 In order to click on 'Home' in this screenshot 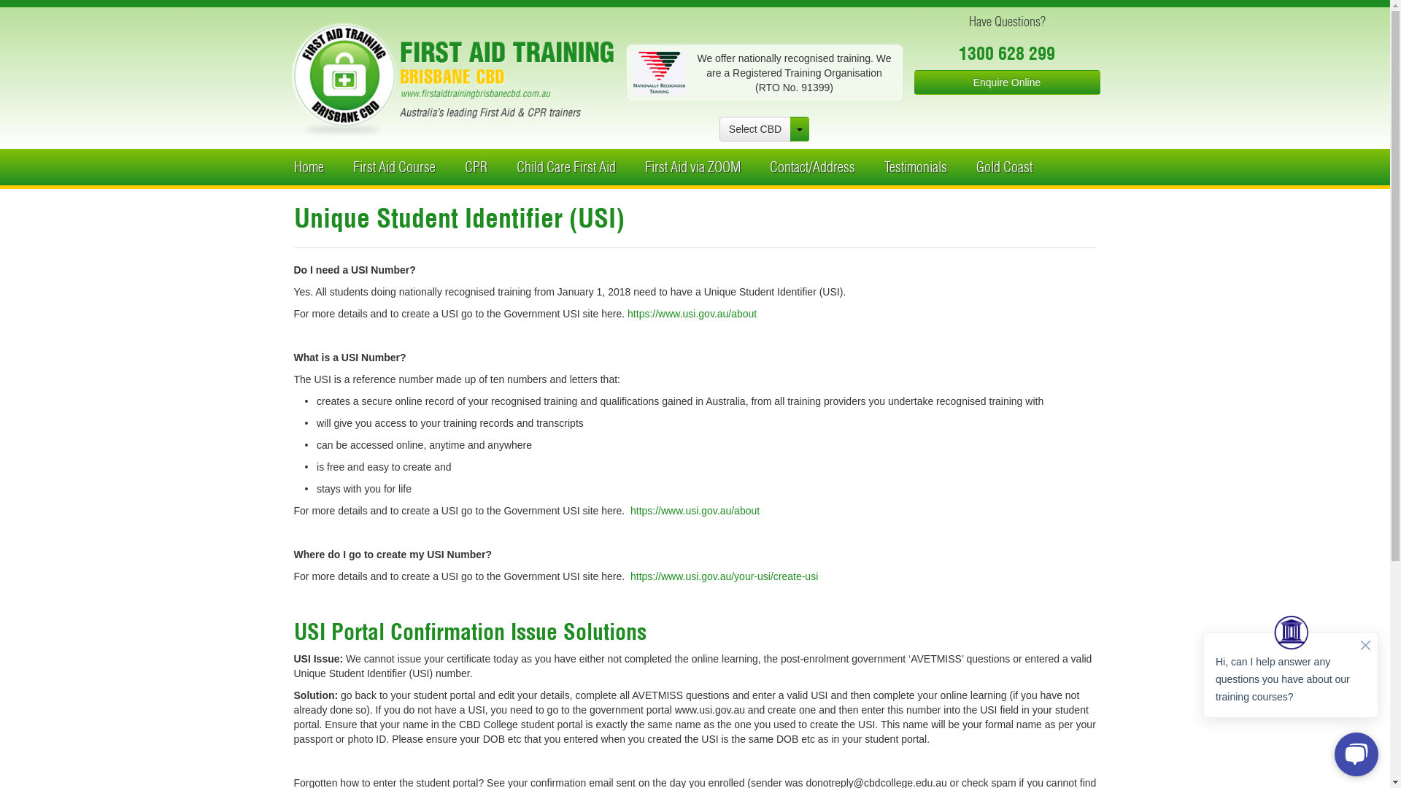, I will do `click(307, 166)`.